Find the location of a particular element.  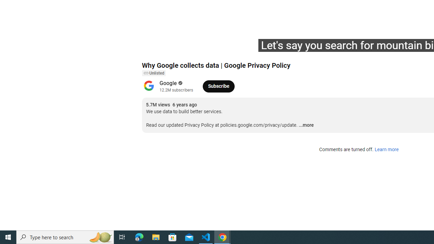

'...more' is located at coordinates (306, 125).